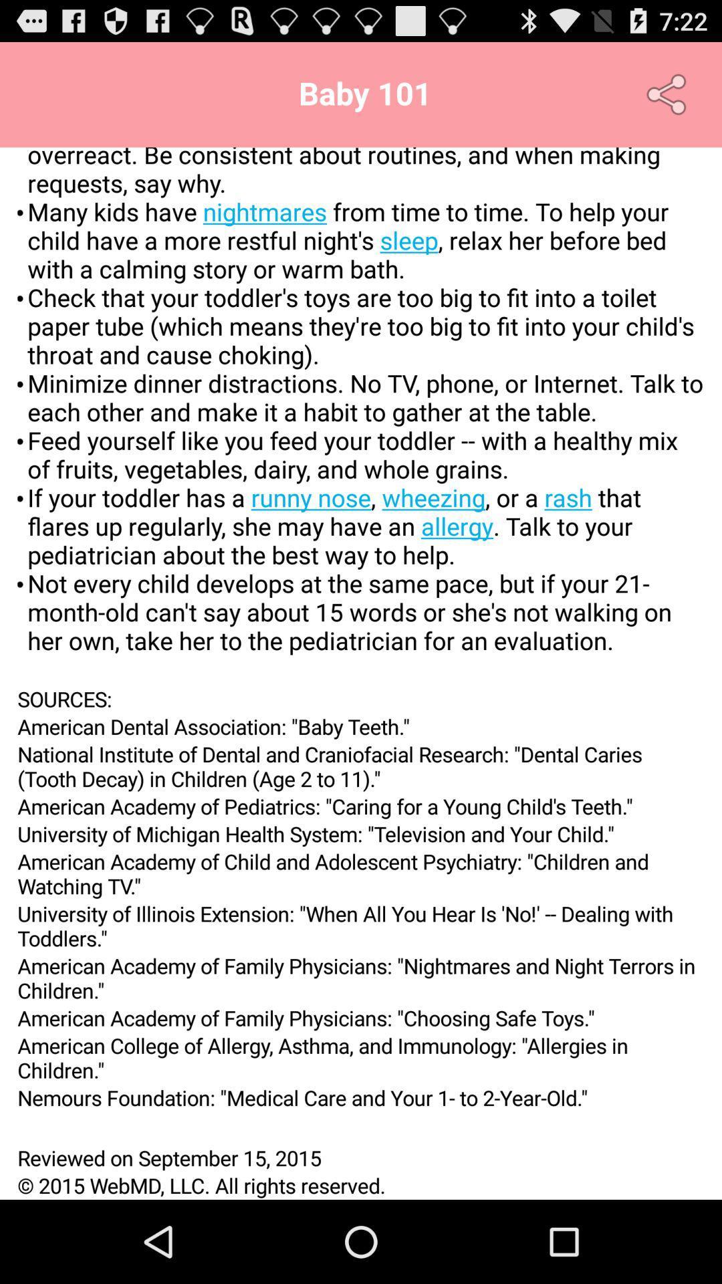 Image resolution: width=722 pixels, height=1284 pixels. Describe the element at coordinates (361, 698) in the screenshot. I see `the sources: app` at that location.